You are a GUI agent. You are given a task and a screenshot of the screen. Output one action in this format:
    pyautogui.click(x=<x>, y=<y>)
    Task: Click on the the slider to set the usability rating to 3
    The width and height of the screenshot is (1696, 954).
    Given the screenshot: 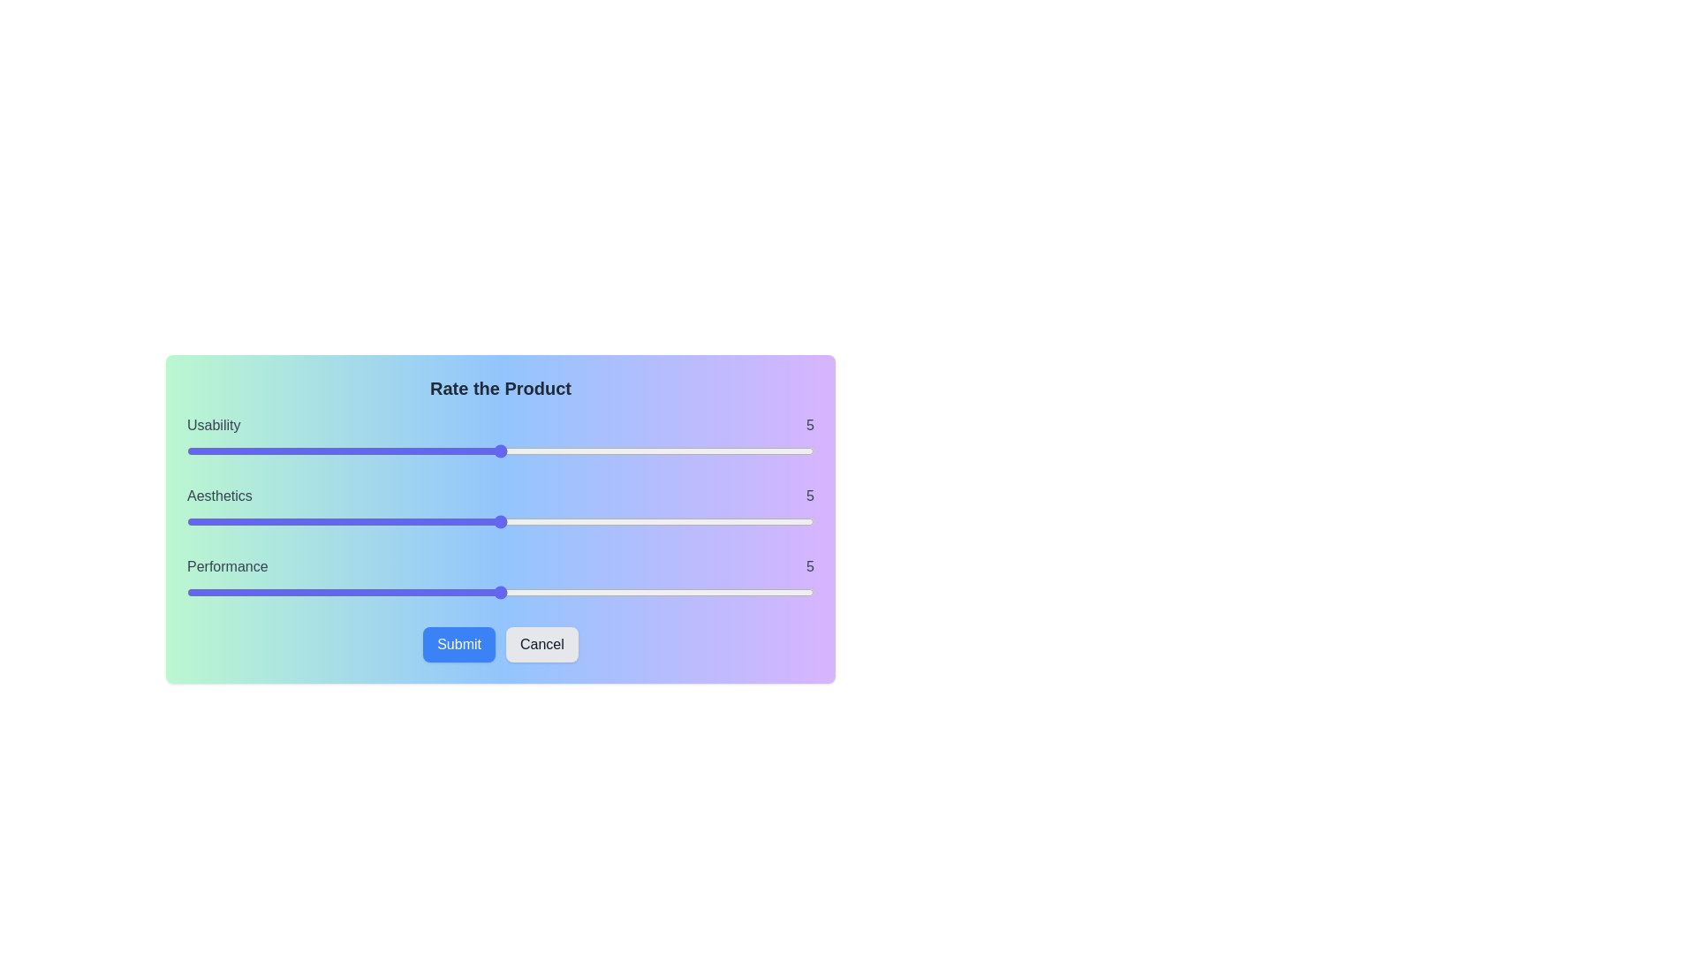 What is the action you would take?
    pyautogui.click(x=375, y=450)
    